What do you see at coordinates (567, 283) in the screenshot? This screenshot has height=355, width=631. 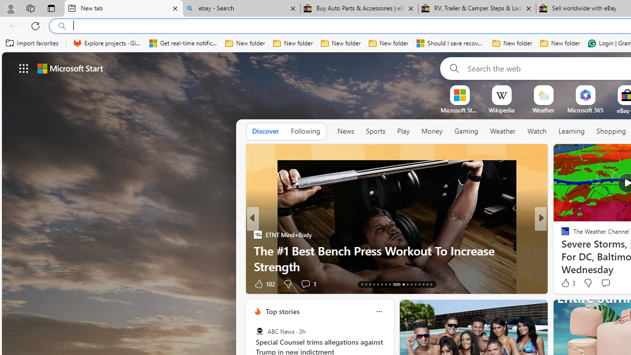 I see `'3 Like'` at bounding box center [567, 283].